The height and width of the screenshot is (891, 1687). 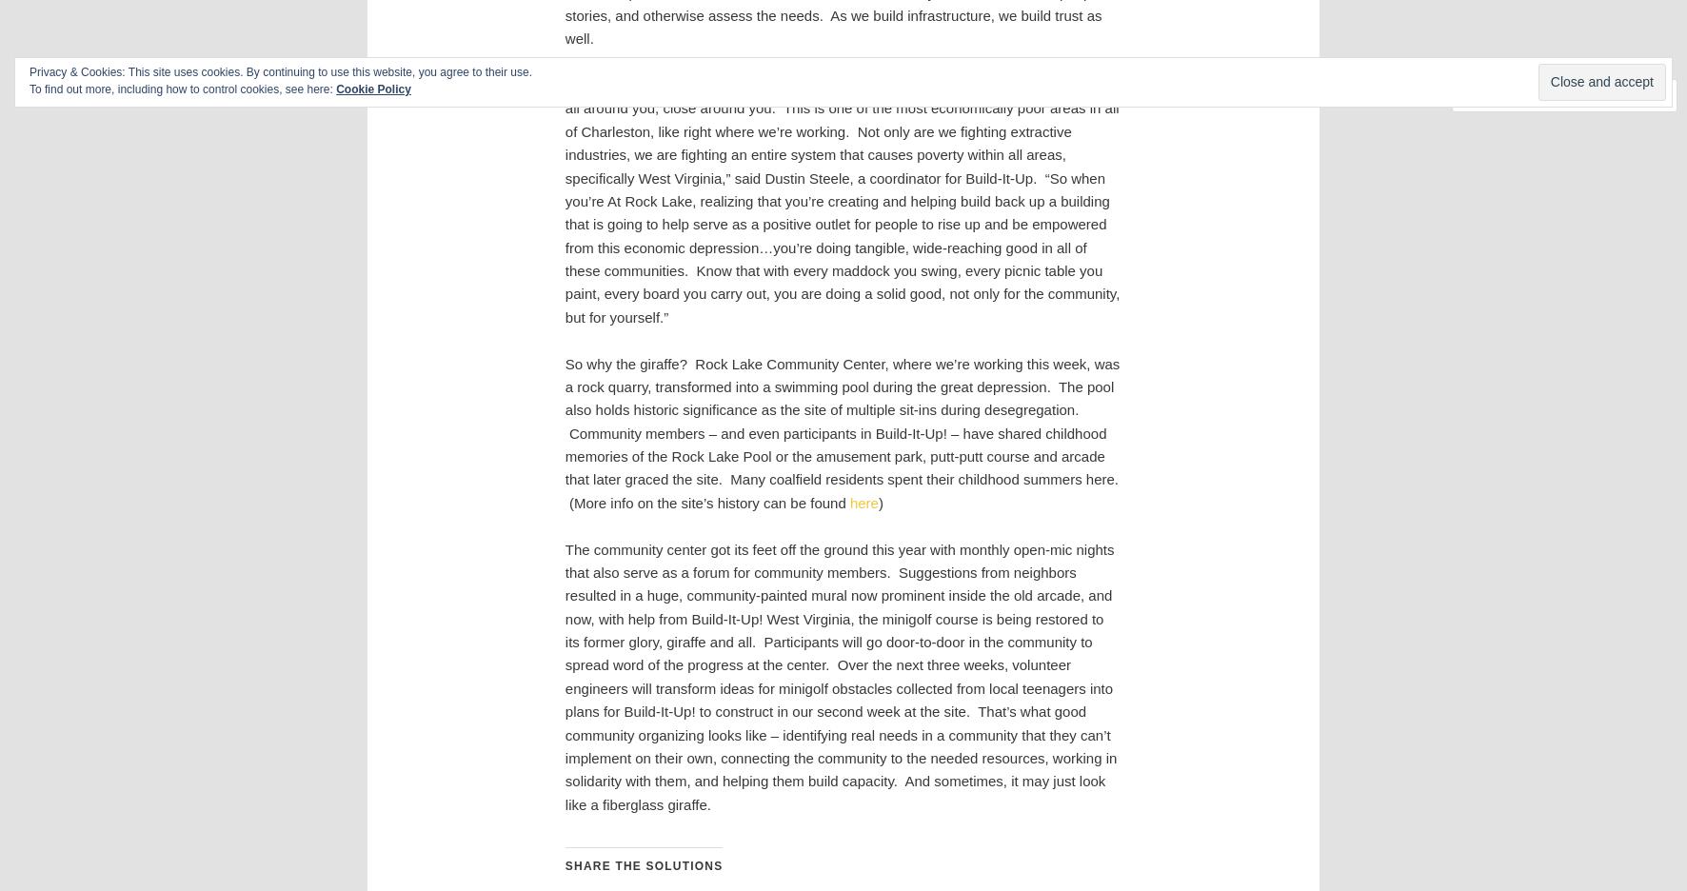 I want to click on 'Cookie Policy', so click(x=372, y=88).